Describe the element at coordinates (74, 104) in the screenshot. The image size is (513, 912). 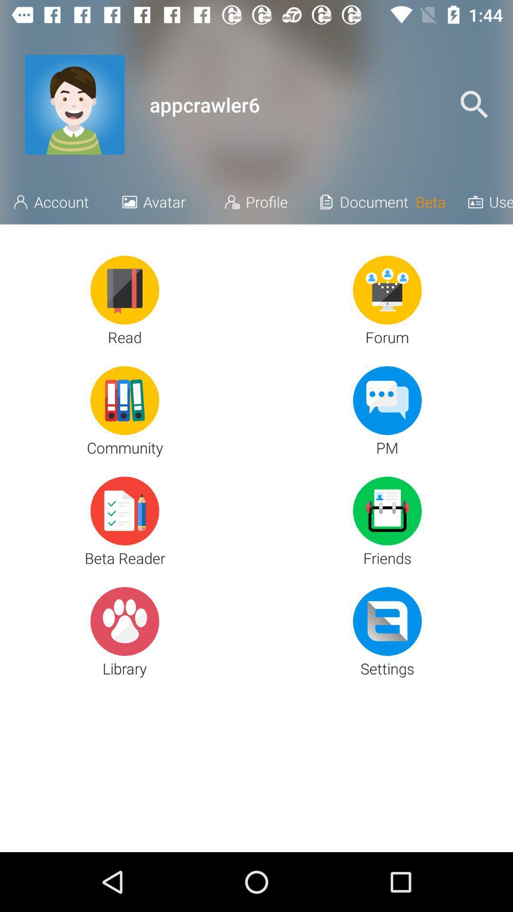
I see `item above account icon` at that location.